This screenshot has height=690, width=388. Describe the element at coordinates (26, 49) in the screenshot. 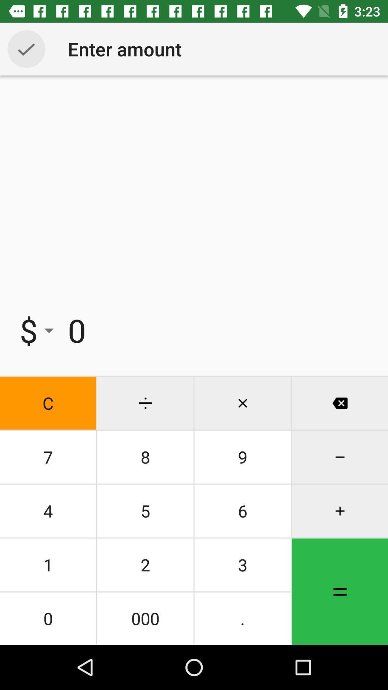

I see `confirm amount entered` at that location.